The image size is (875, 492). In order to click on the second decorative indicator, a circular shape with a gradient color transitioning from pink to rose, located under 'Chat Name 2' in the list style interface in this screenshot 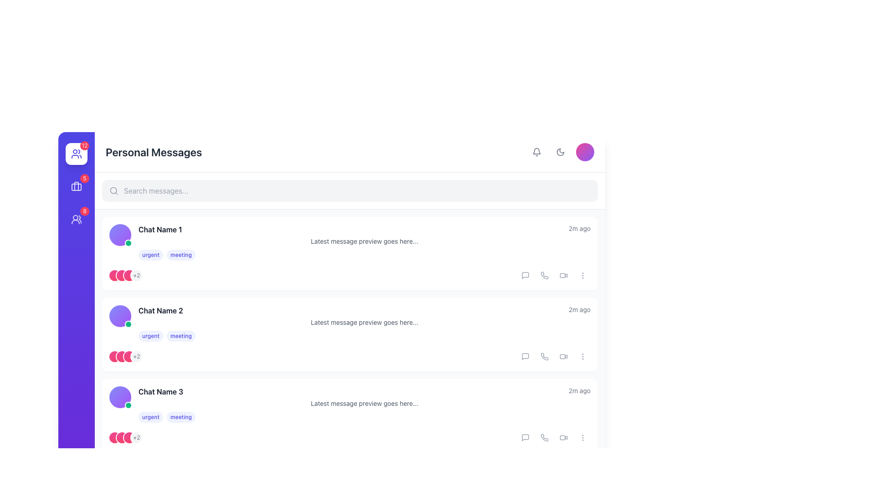, I will do `click(122, 356)`.